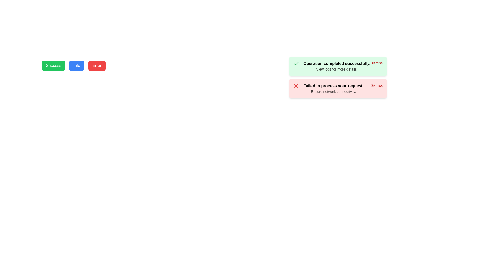 This screenshot has width=487, height=274. Describe the element at coordinates (334, 88) in the screenshot. I see `the text block displaying the alert message 'Failed to process your request.' within the red-tinted alert box` at that location.